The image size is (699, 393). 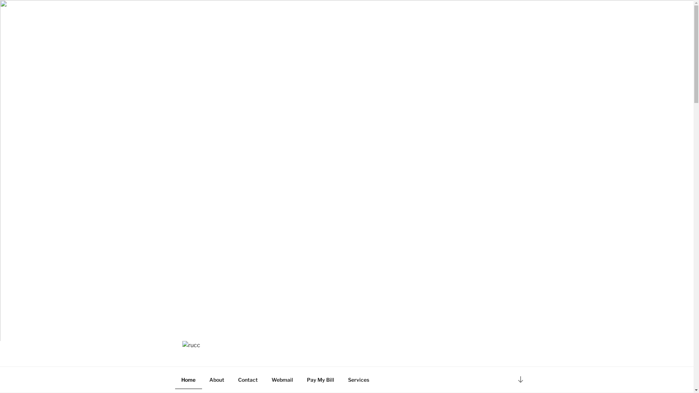 What do you see at coordinates (281, 379) in the screenshot?
I see `'Webmail'` at bounding box center [281, 379].